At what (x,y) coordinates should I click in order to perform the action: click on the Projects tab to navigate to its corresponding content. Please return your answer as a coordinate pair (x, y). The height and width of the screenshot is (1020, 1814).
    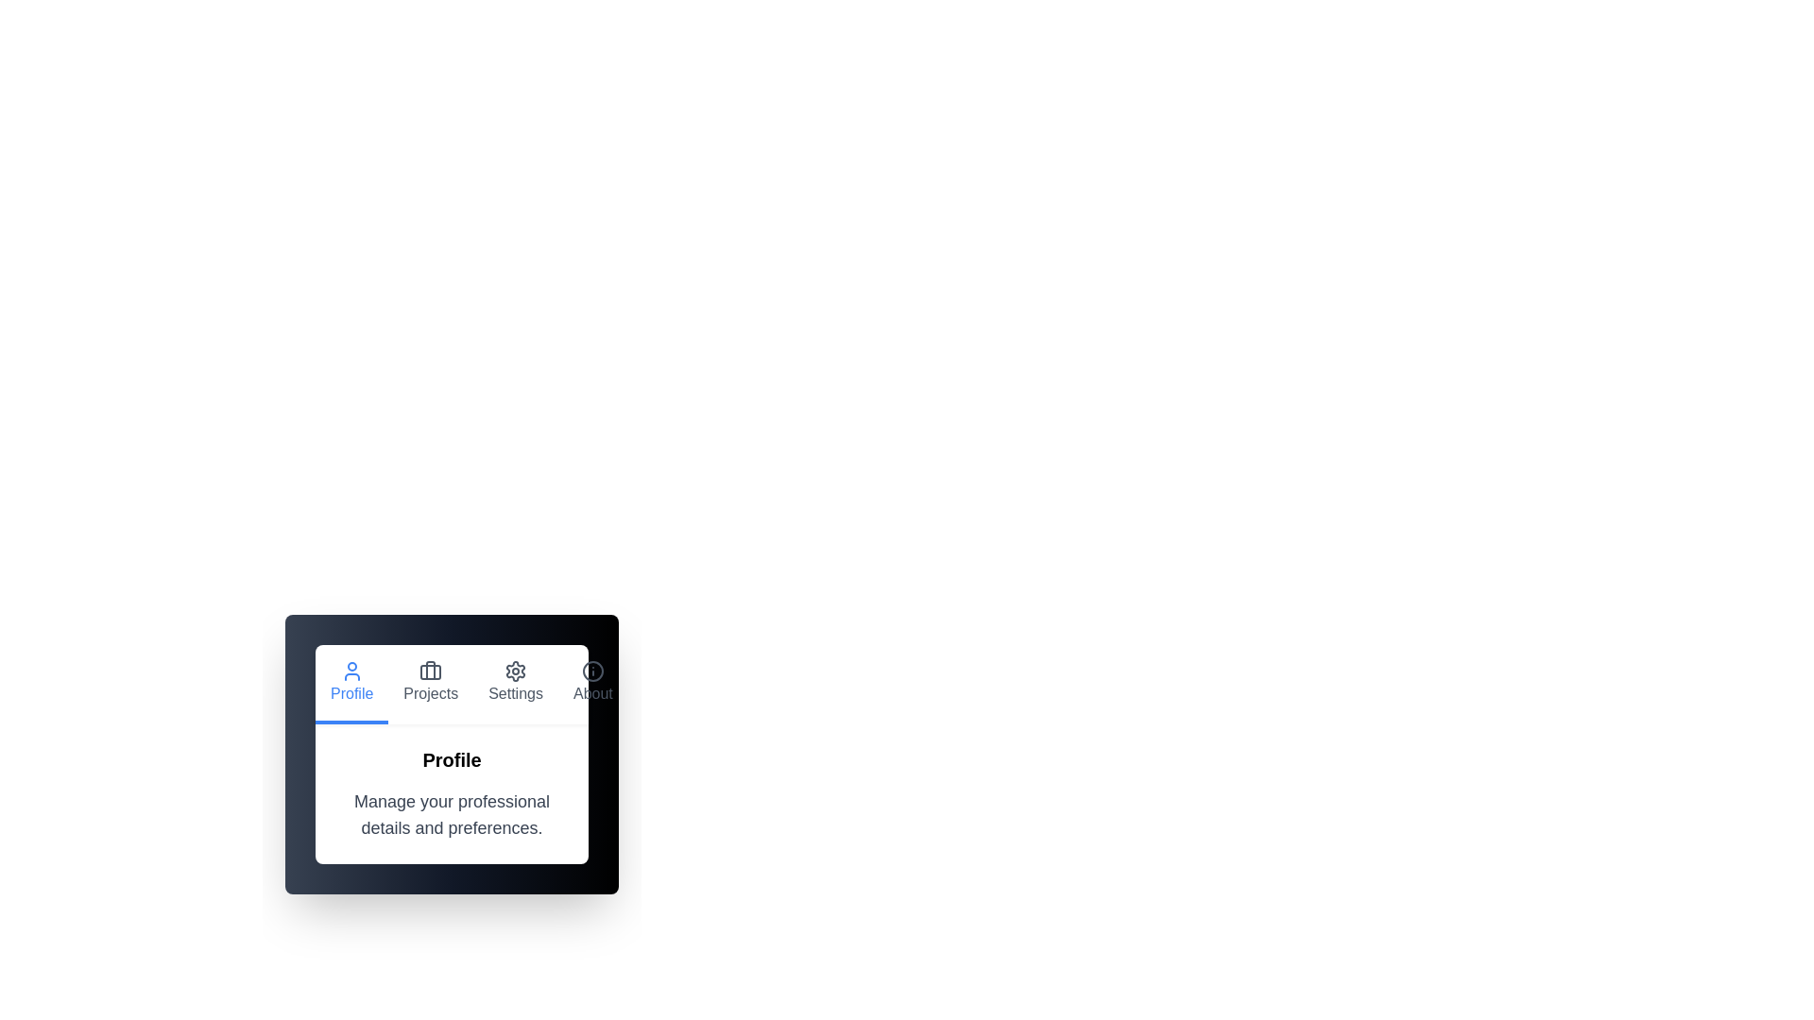
    Looking at the image, I should click on (430, 685).